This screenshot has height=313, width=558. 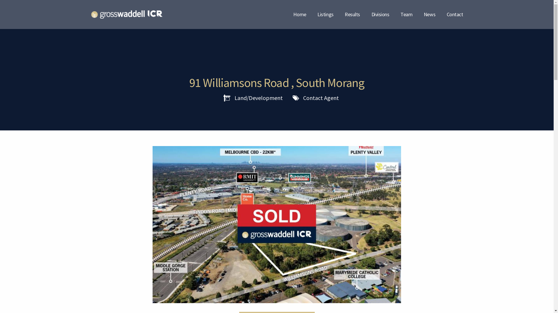 I want to click on 'Contact', so click(x=455, y=14).